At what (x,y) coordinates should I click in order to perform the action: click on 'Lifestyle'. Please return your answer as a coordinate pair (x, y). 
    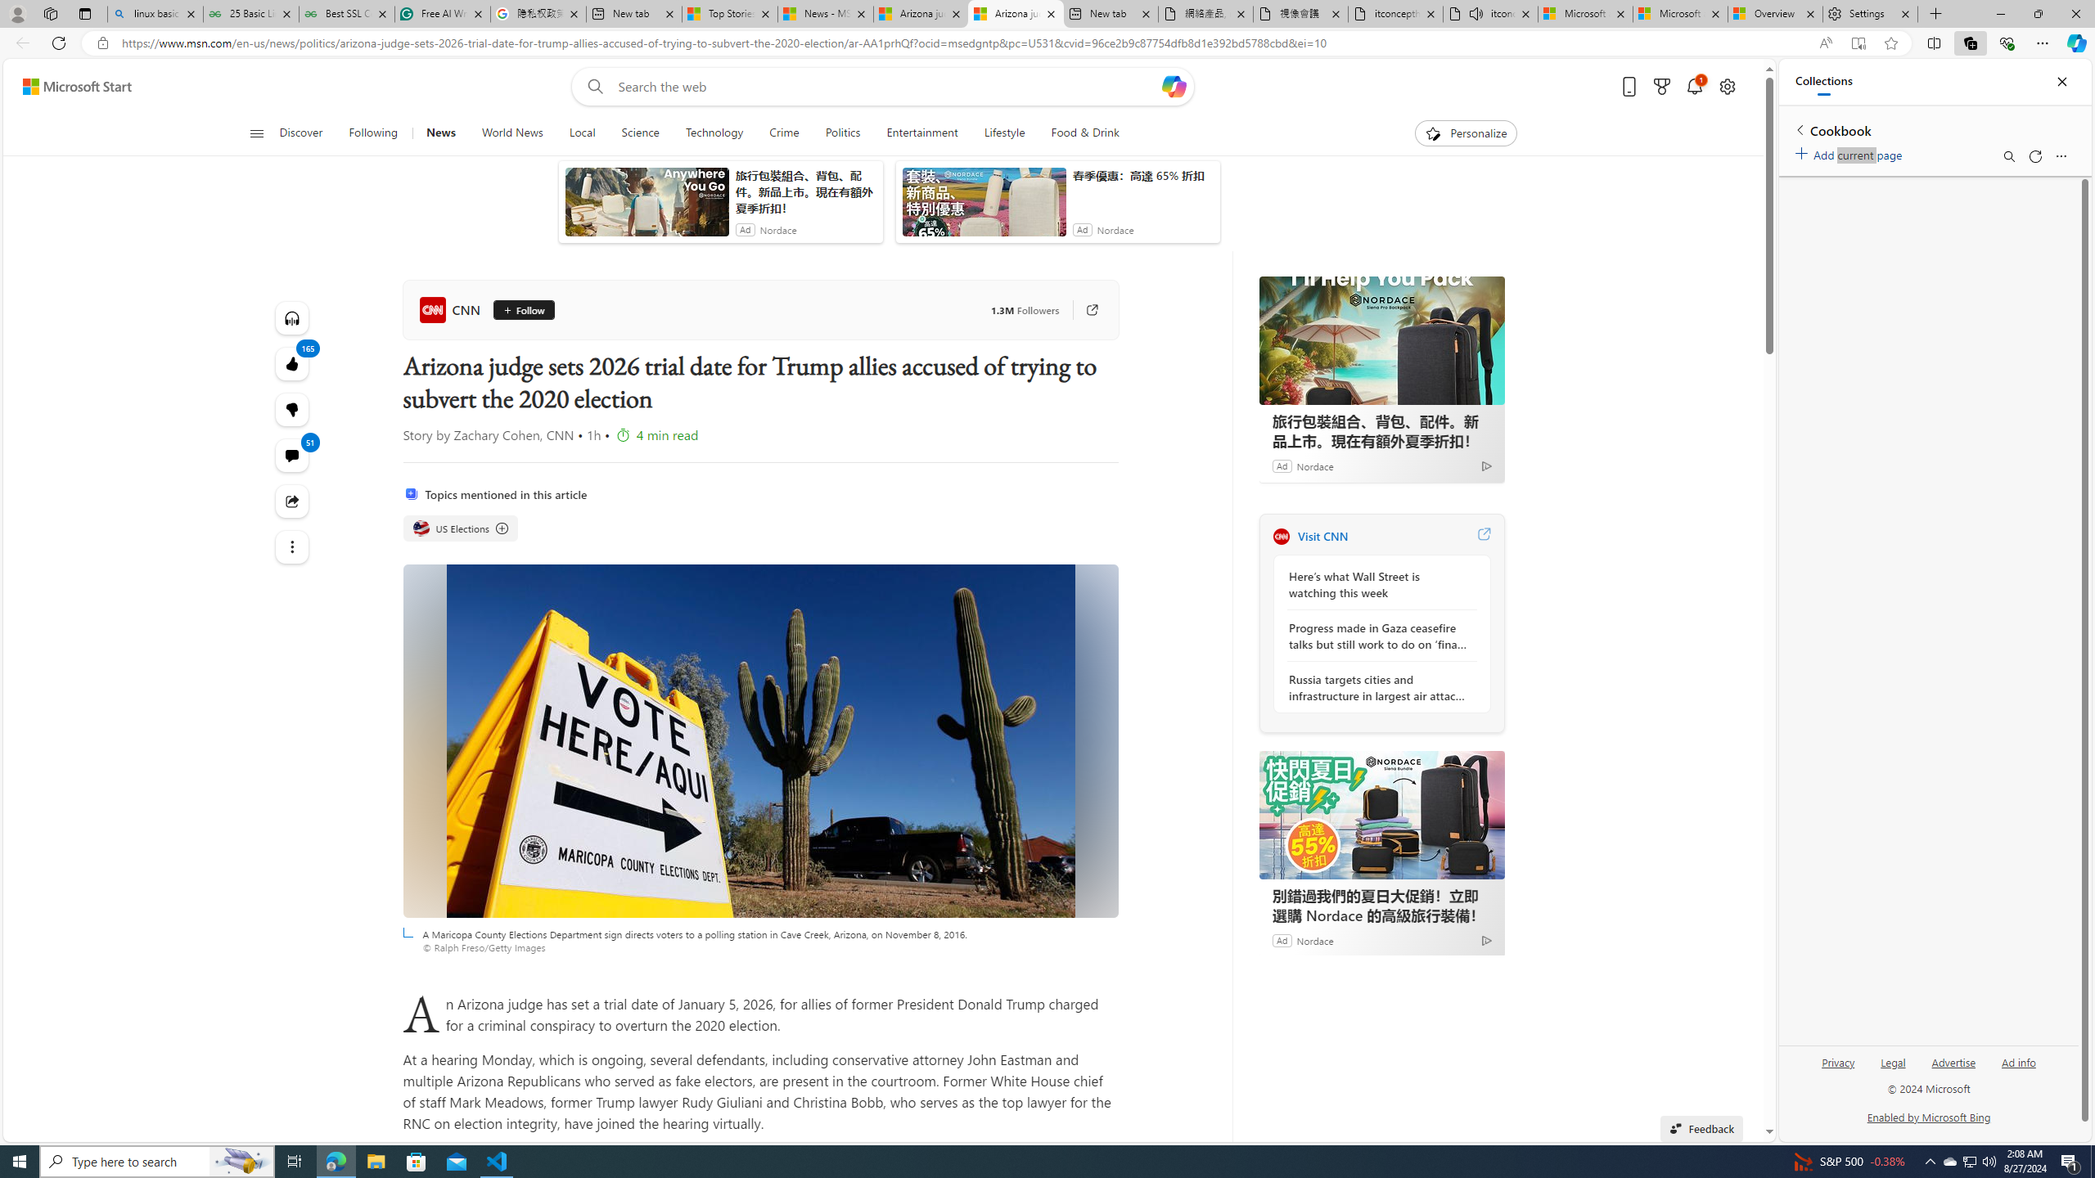
    Looking at the image, I should click on (1004, 133).